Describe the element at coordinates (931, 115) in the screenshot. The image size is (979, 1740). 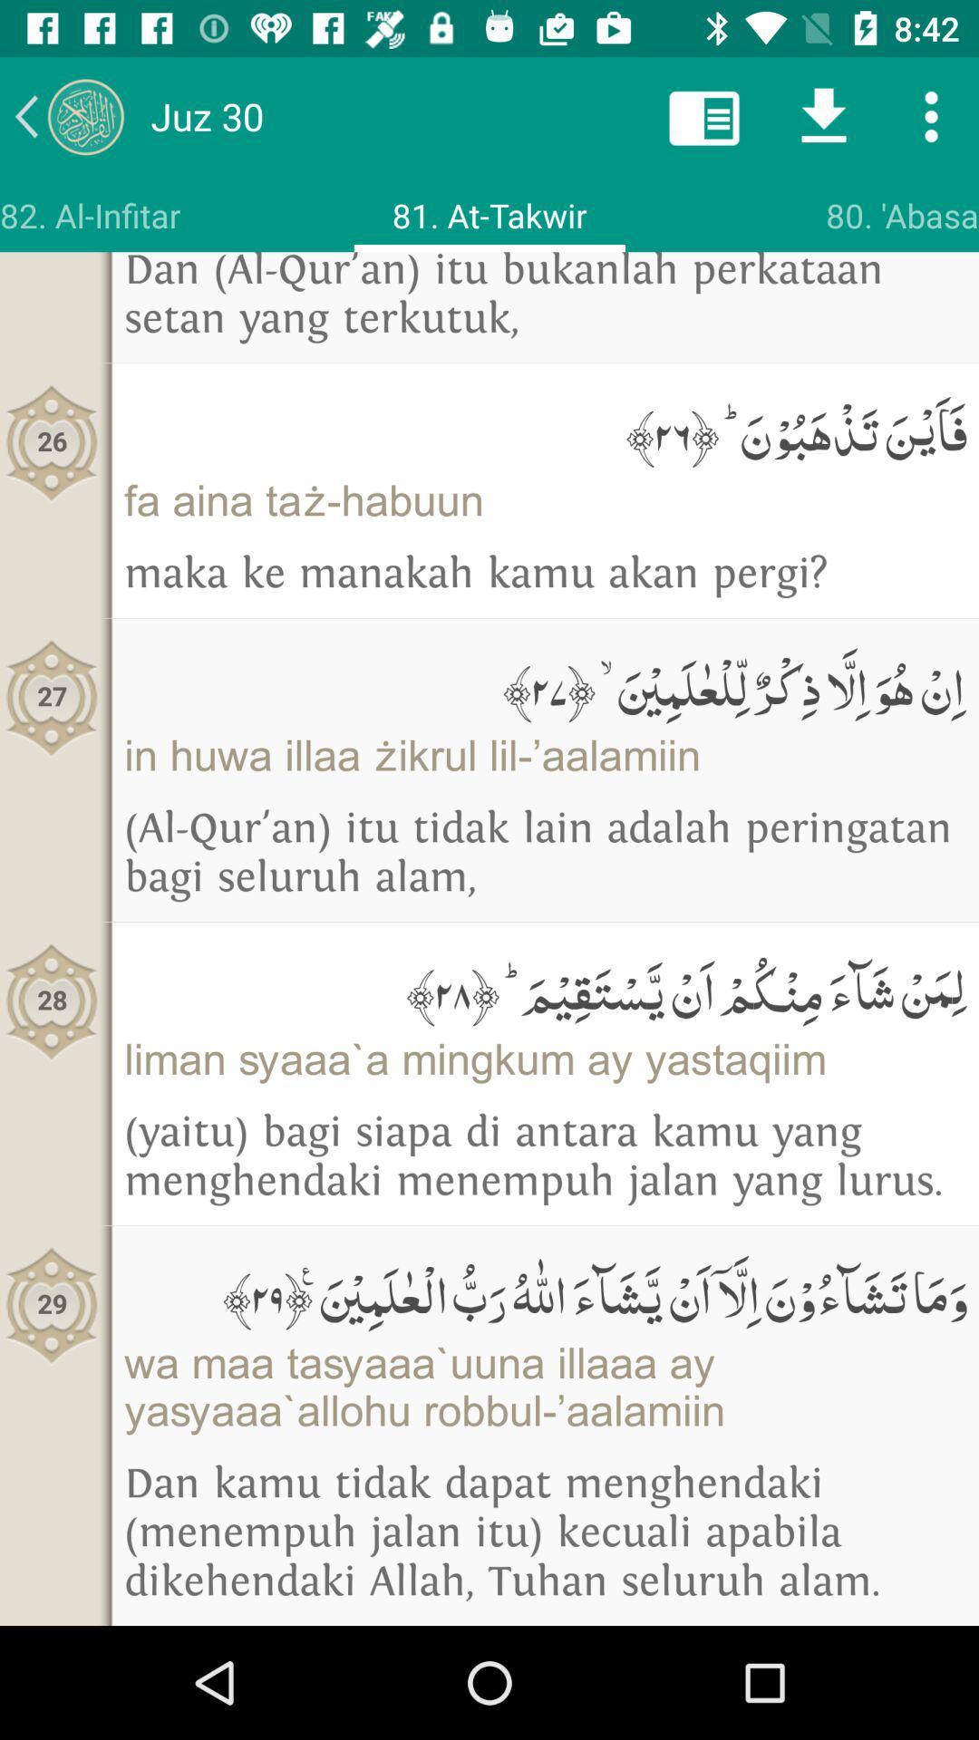
I see `open option menu` at that location.